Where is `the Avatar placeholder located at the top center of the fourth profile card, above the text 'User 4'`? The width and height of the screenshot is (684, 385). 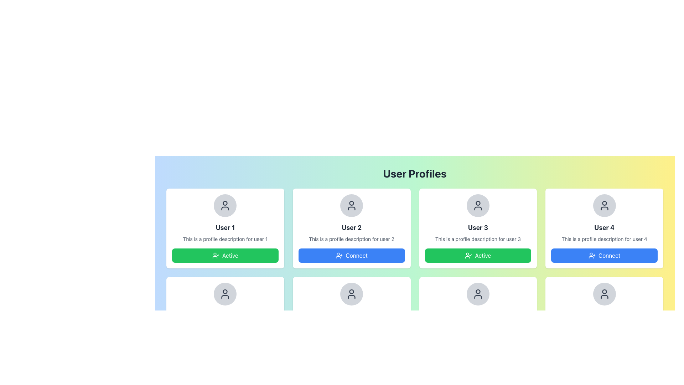 the Avatar placeholder located at the top center of the fourth profile card, above the text 'User 4' is located at coordinates (604, 206).